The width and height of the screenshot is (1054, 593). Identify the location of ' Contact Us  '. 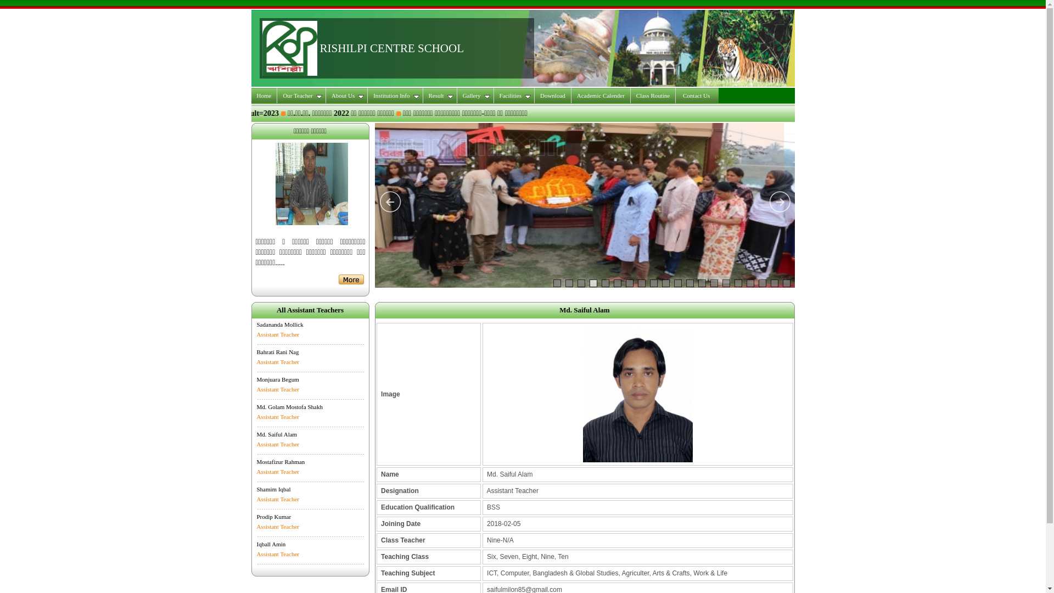
(696, 94).